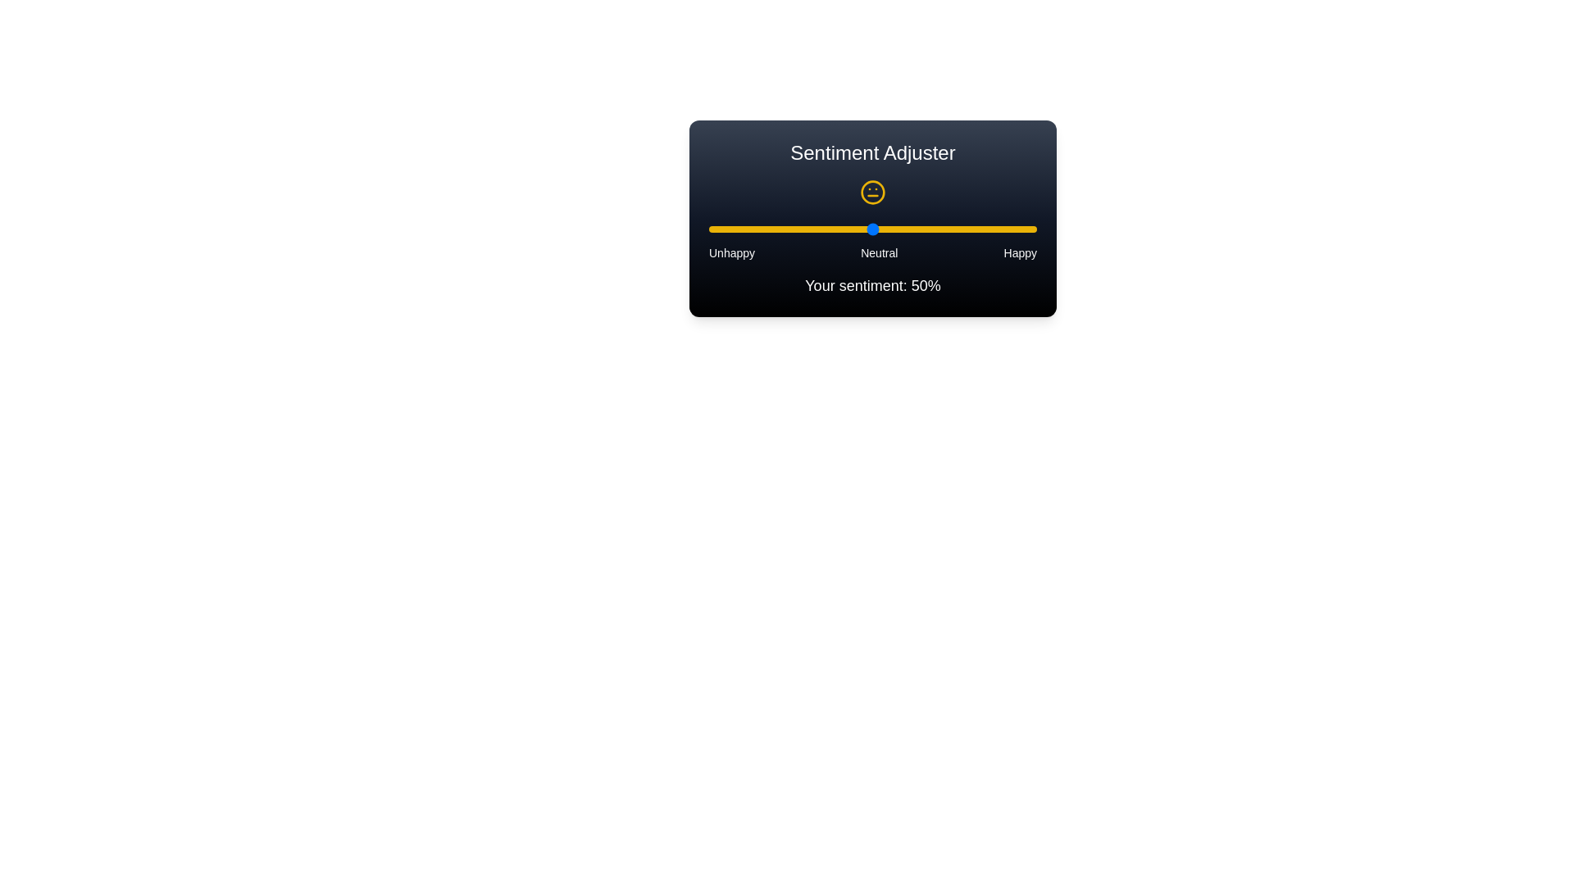  What do you see at coordinates (761, 229) in the screenshot?
I see `the sentiment slider to 16%, where sentiment is a value between 0 and 100` at bounding box center [761, 229].